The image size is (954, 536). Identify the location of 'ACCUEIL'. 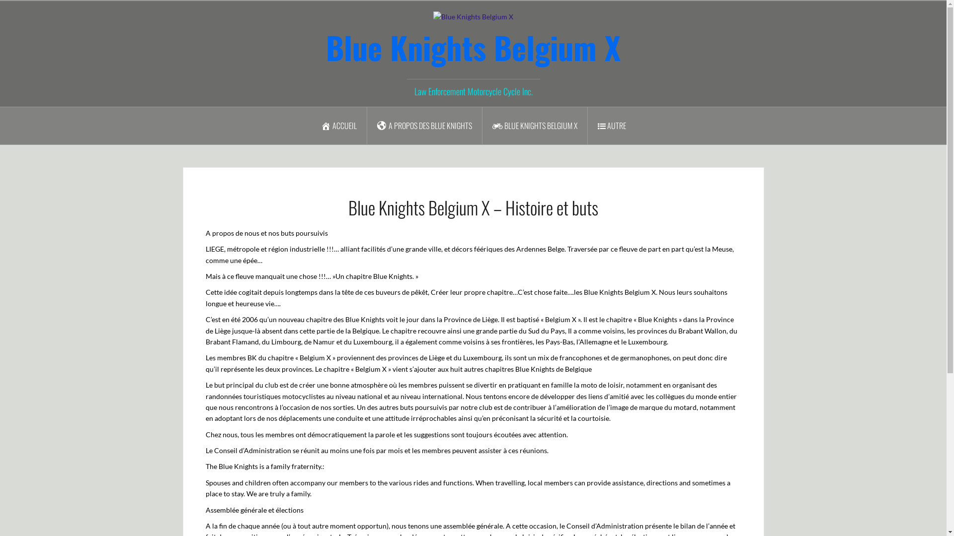
(339, 126).